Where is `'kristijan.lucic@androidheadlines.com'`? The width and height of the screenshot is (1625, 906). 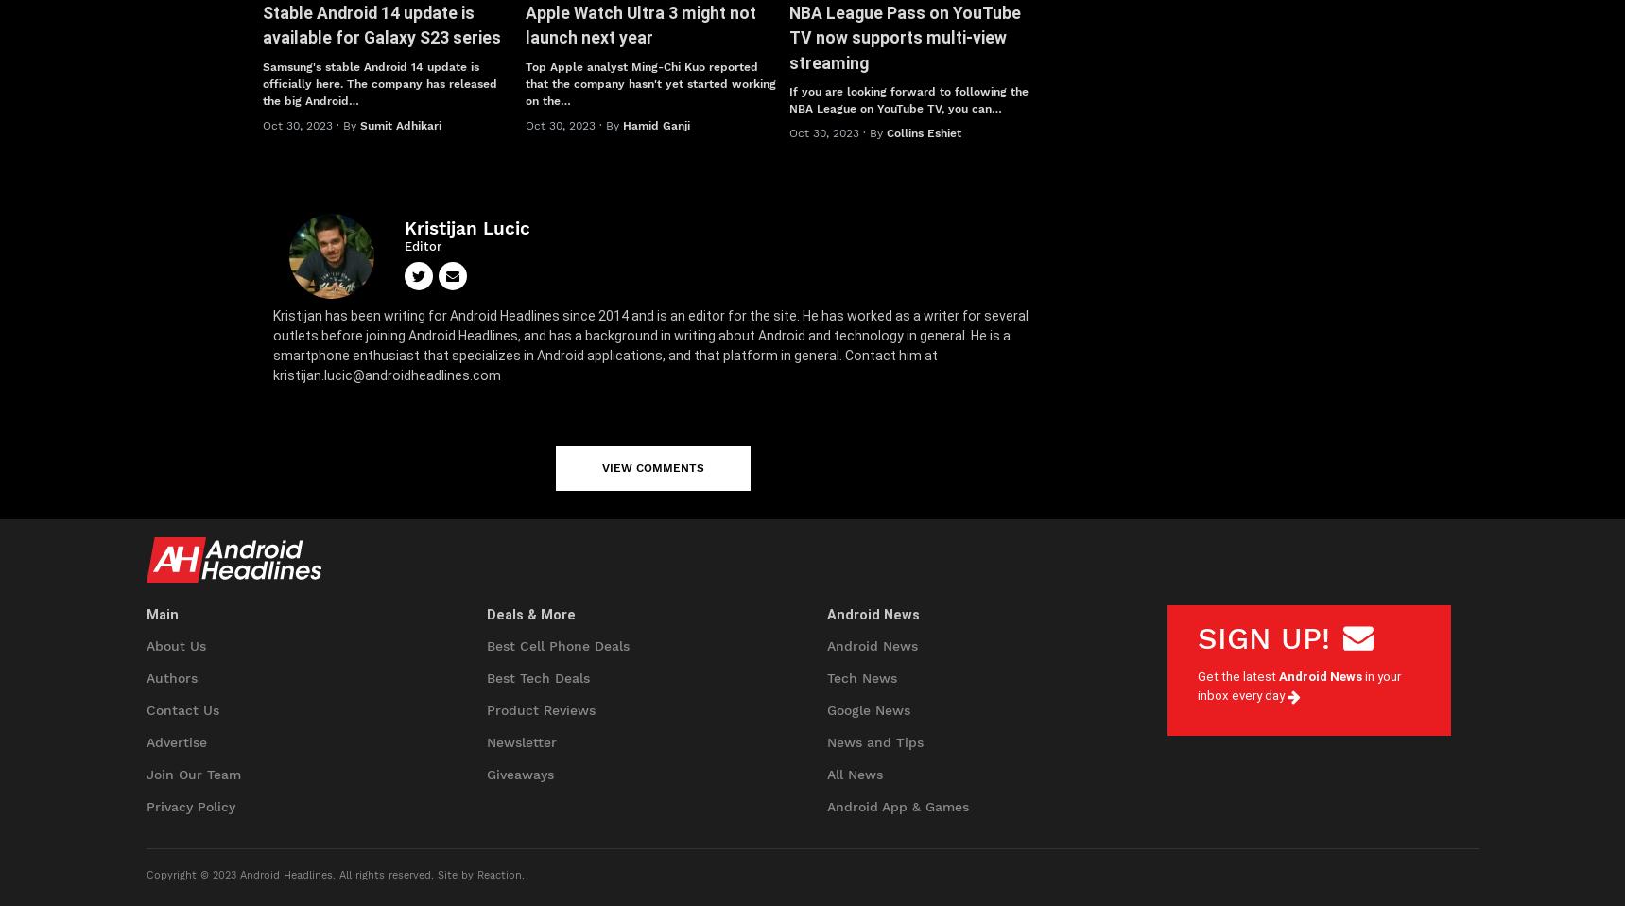
'kristijan.lucic@androidheadlines.com' is located at coordinates (386, 374).